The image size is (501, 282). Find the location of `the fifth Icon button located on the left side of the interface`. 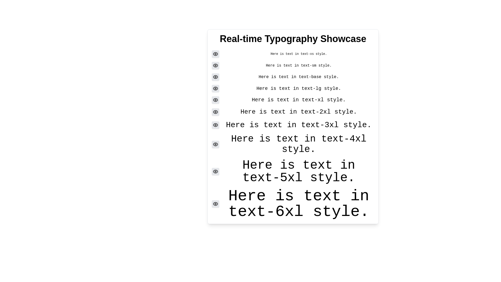

the fifth Icon button located on the left side of the interface is located at coordinates (215, 88).